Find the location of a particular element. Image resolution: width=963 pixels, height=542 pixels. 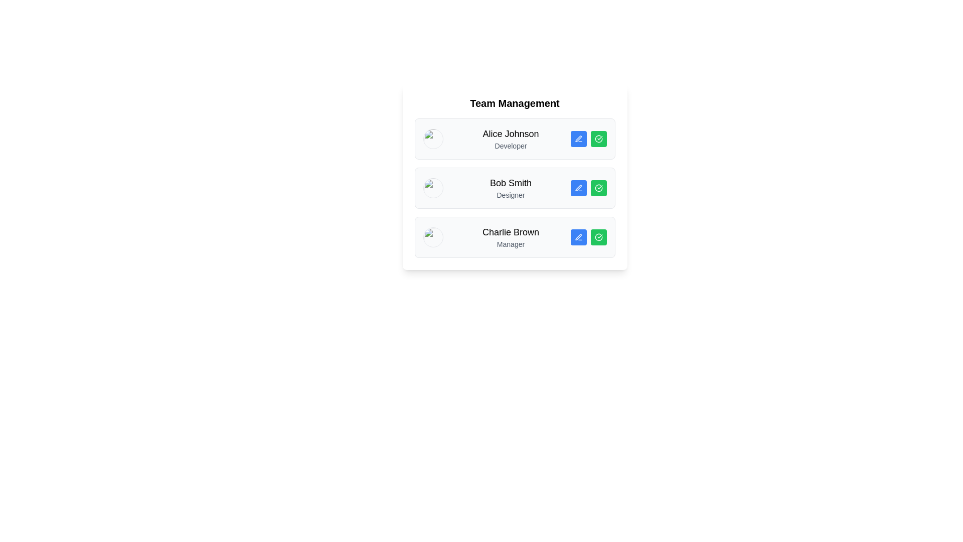

the text label displaying 'Manager', which is styled in a smaller gray font and positioned directly below 'Charlie Brown' in the list item is located at coordinates (511, 244).